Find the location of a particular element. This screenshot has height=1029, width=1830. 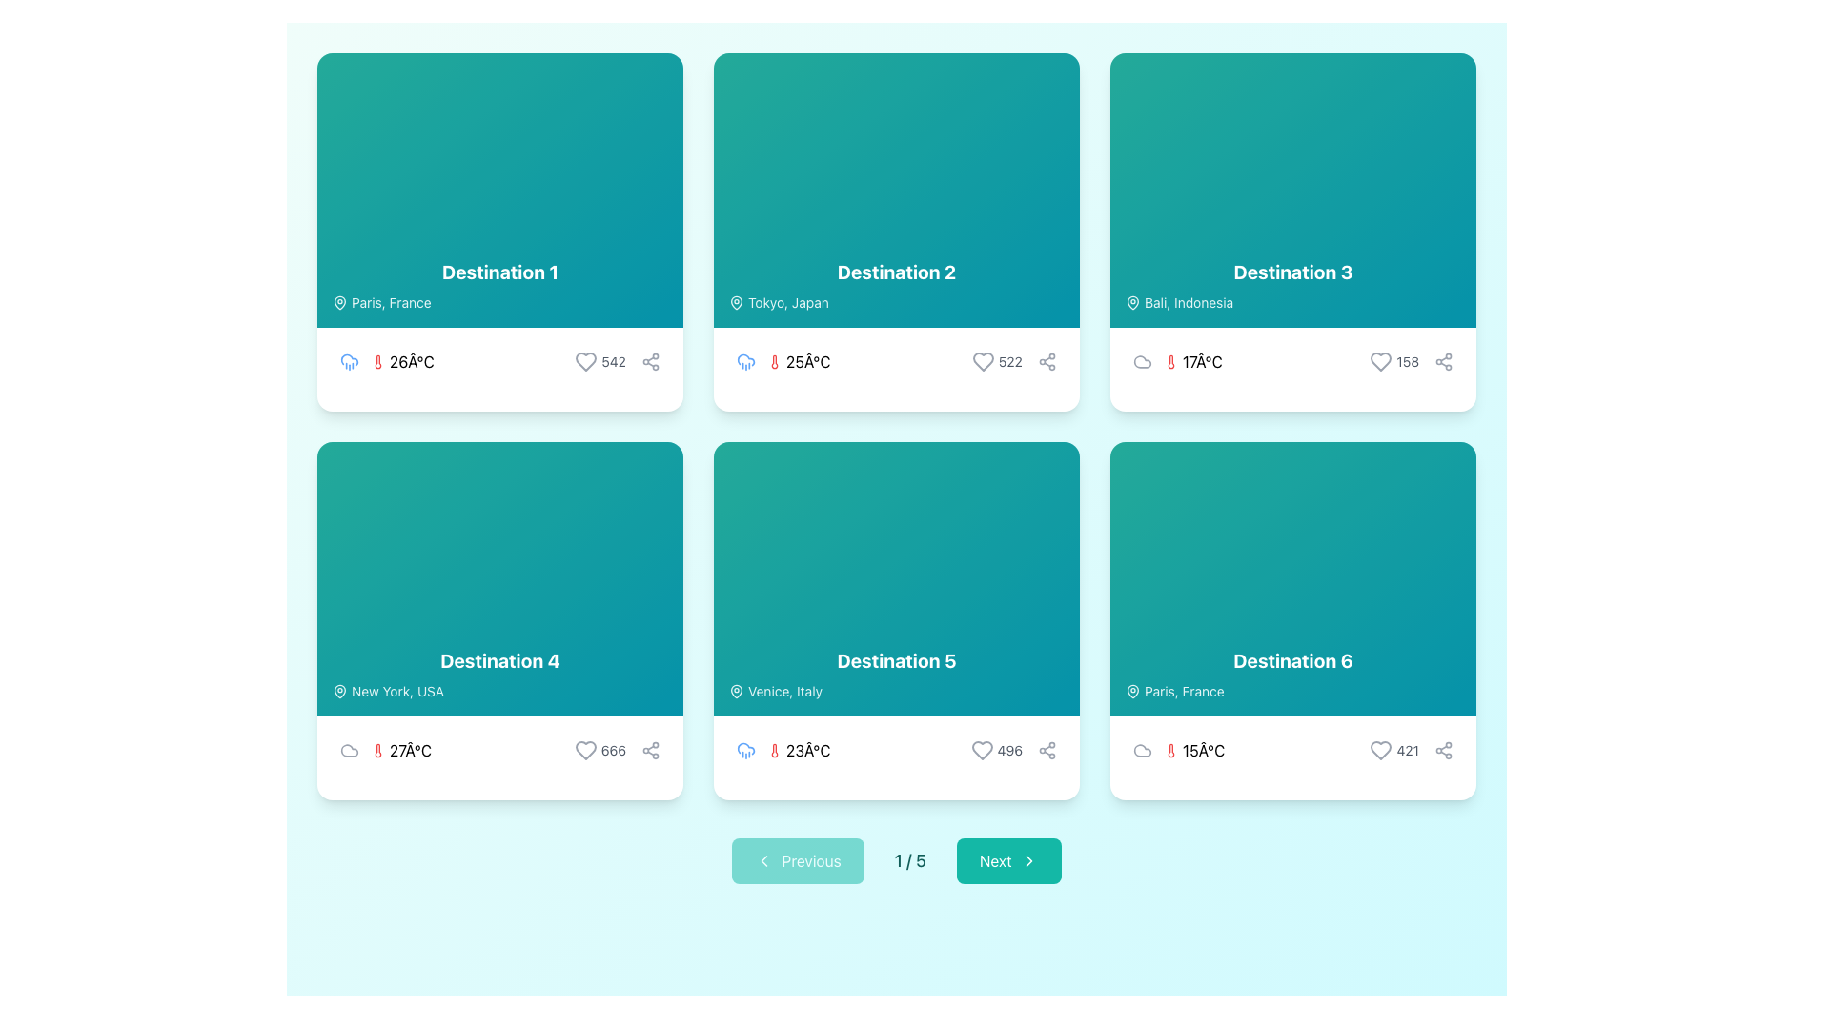

the teal 'Previous' button with white text and a left-pointing chevron icon is located at coordinates (798, 860).